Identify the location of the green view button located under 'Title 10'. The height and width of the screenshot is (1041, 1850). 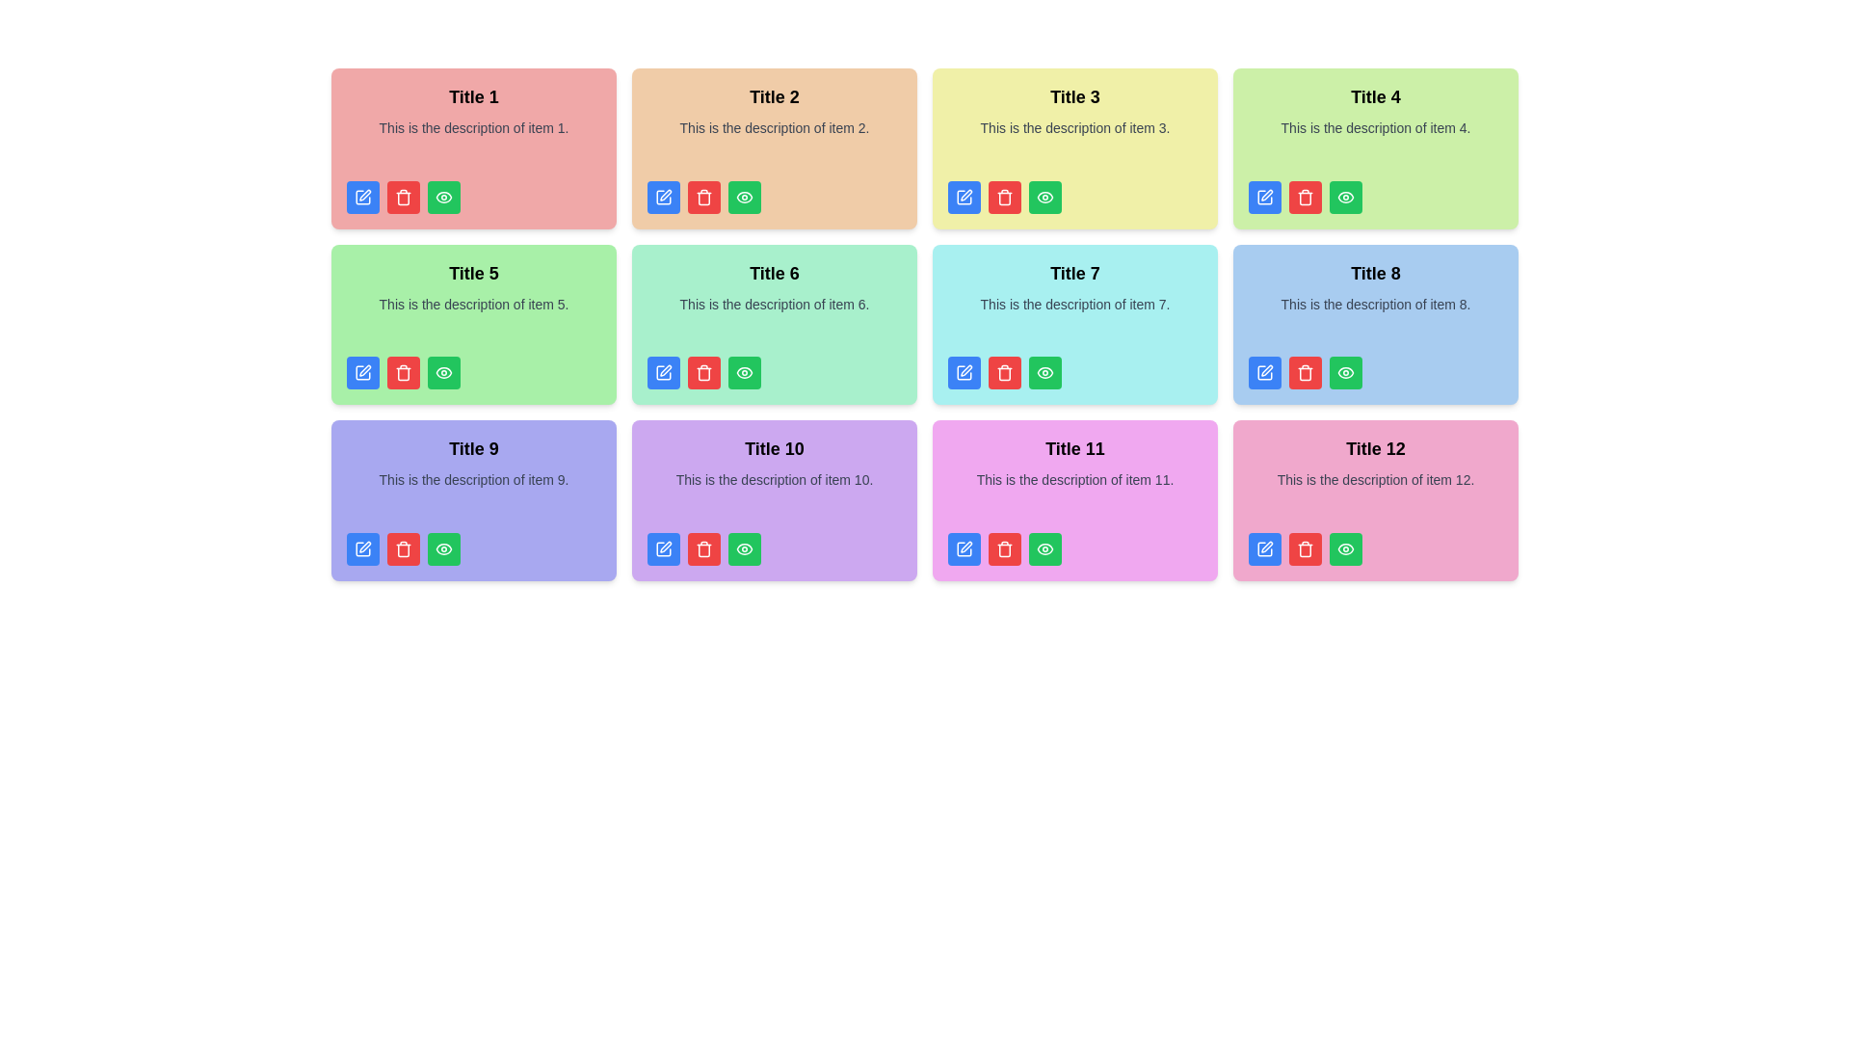
(743, 548).